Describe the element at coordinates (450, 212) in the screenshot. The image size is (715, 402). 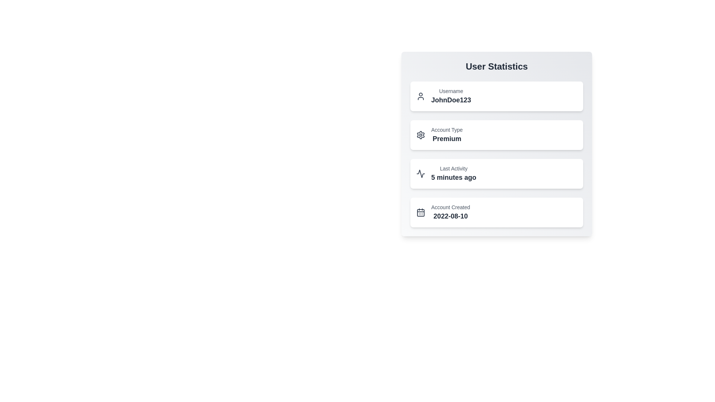
I see `the label displaying the account creation date '2022-08-10' located below the 'Last Activity' element in the user statistics panel` at that location.